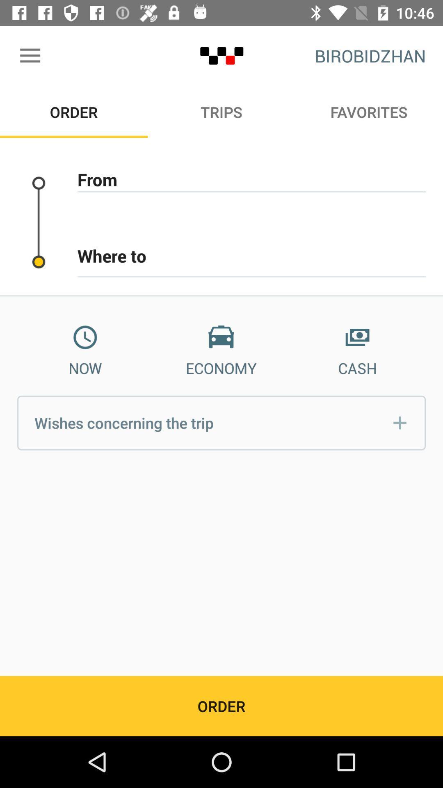 Image resolution: width=443 pixels, height=788 pixels. I want to click on birobidzhan icon, so click(370, 55).